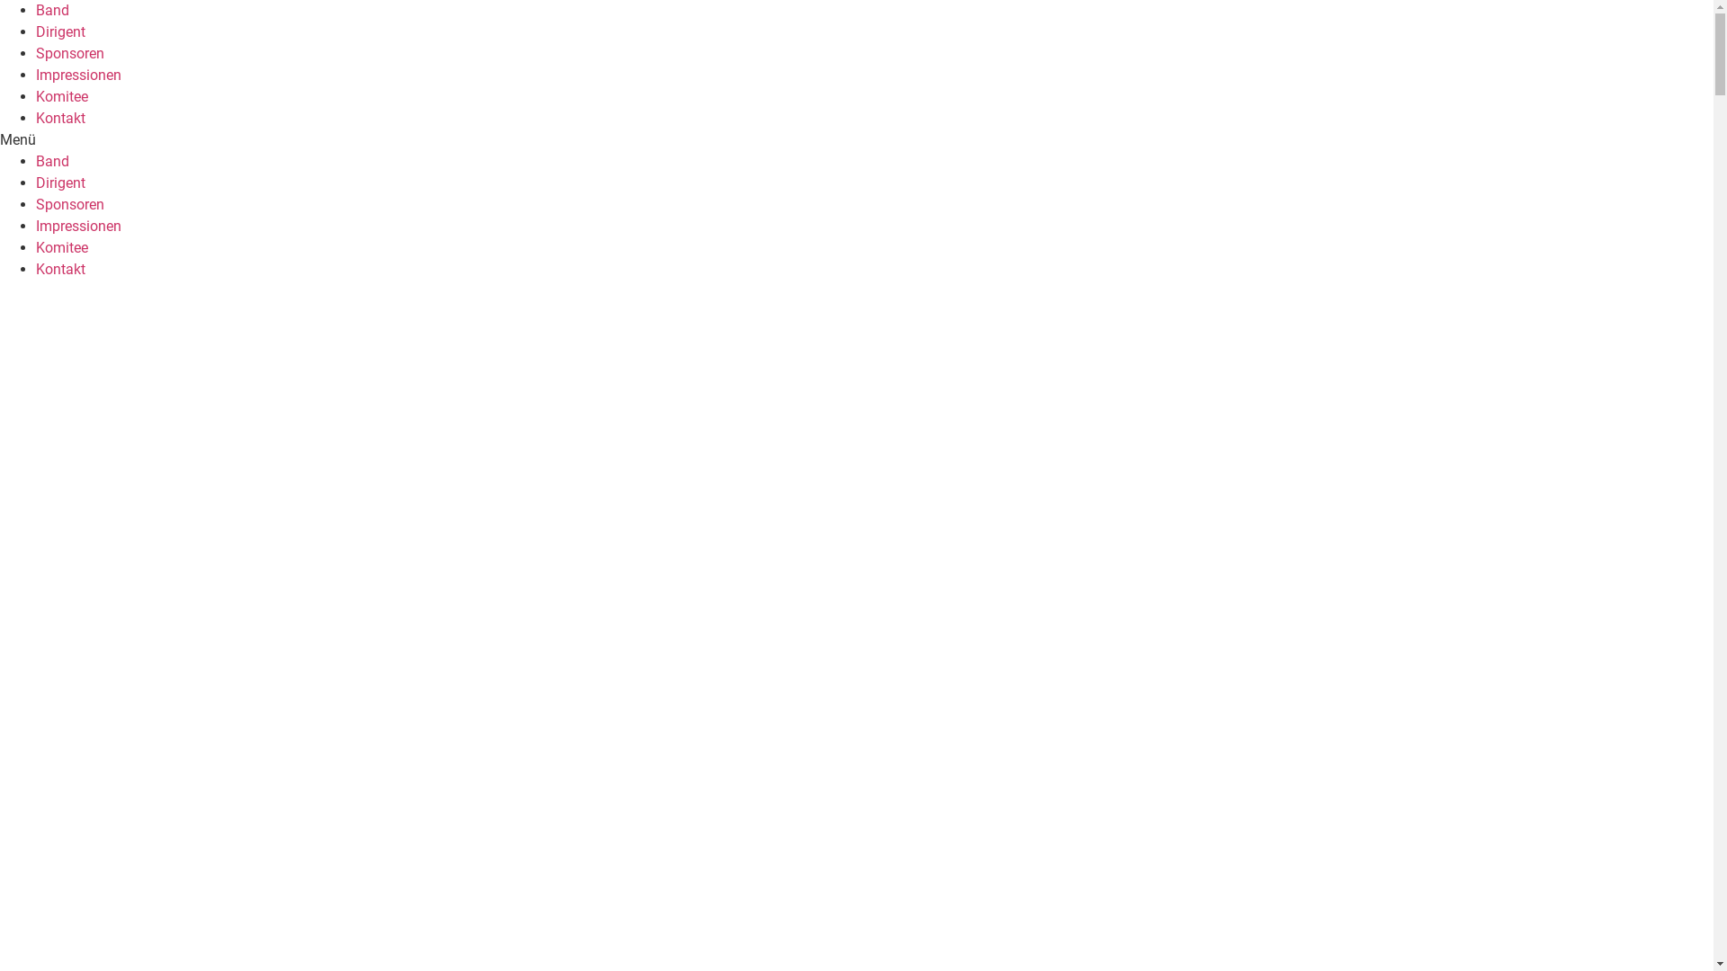  I want to click on 'Dirigent', so click(60, 183).